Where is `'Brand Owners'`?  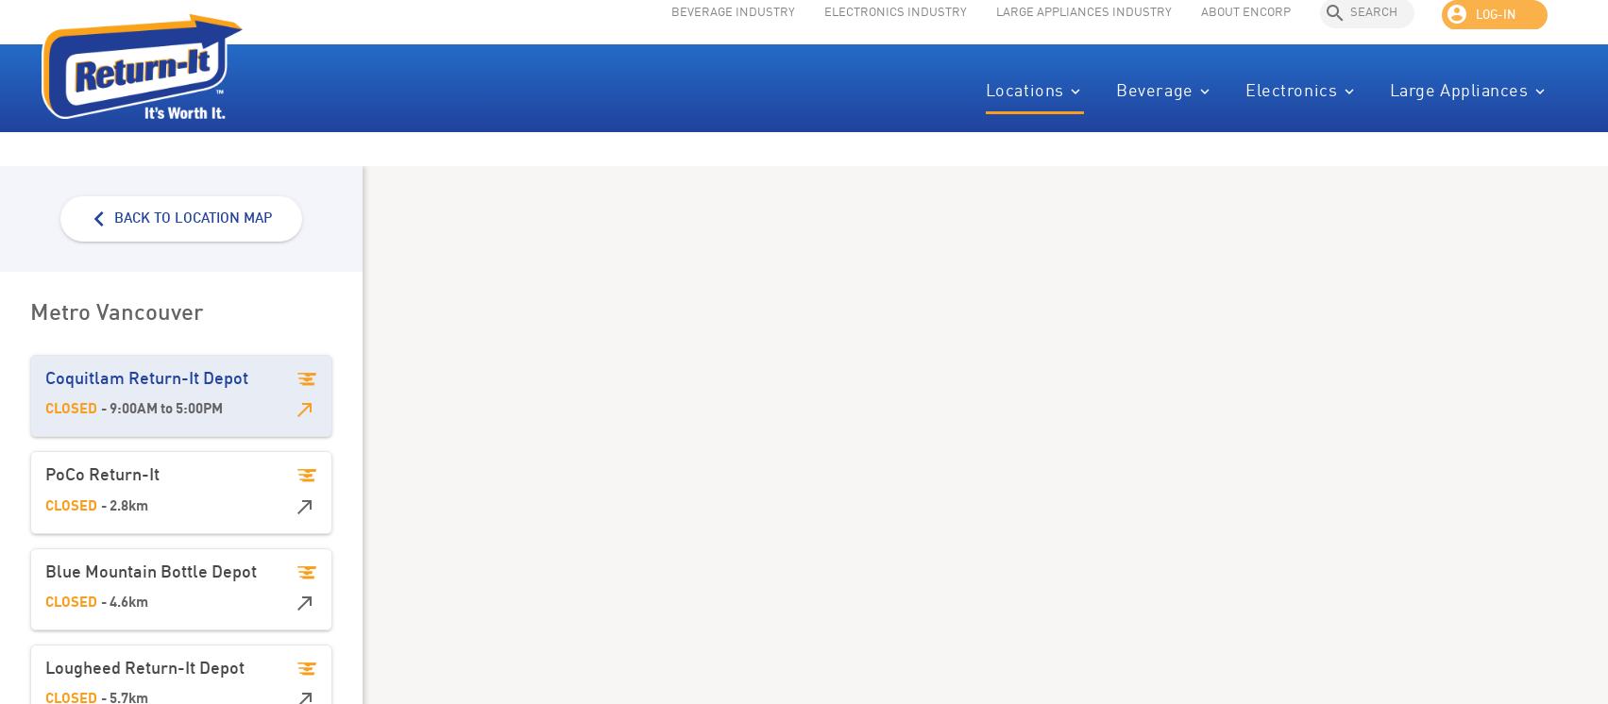
'Brand Owners' is located at coordinates (1519, 128).